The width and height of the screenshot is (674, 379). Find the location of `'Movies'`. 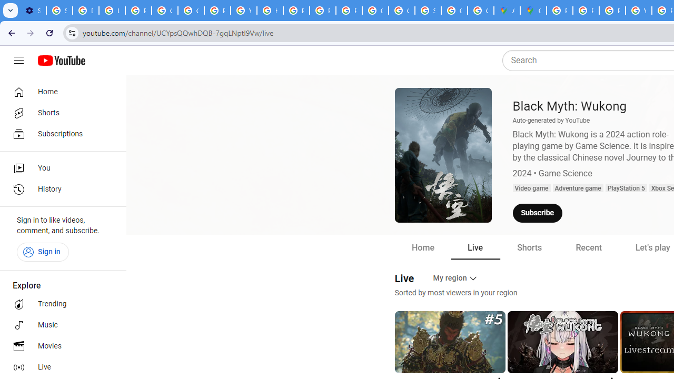

'Movies' is located at coordinates (59, 346).